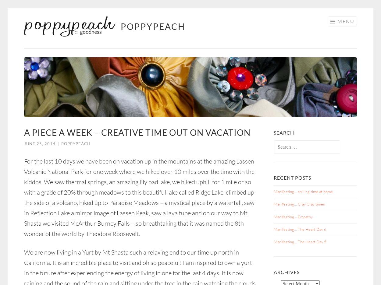 The height and width of the screenshot is (285, 381). Describe the element at coordinates (24, 143) in the screenshot. I see `'June 25, 2014'` at that location.